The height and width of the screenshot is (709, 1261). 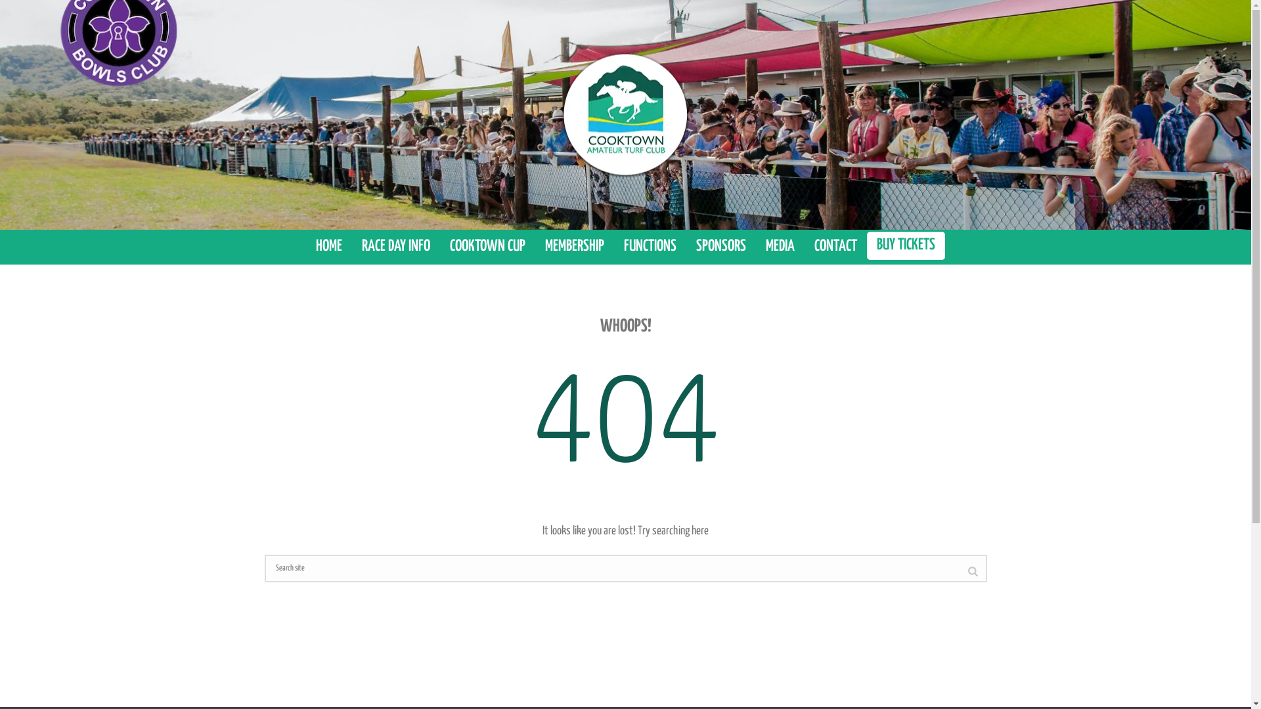 I want to click on 'FUNCTIONS', so click(x=613, y=247).